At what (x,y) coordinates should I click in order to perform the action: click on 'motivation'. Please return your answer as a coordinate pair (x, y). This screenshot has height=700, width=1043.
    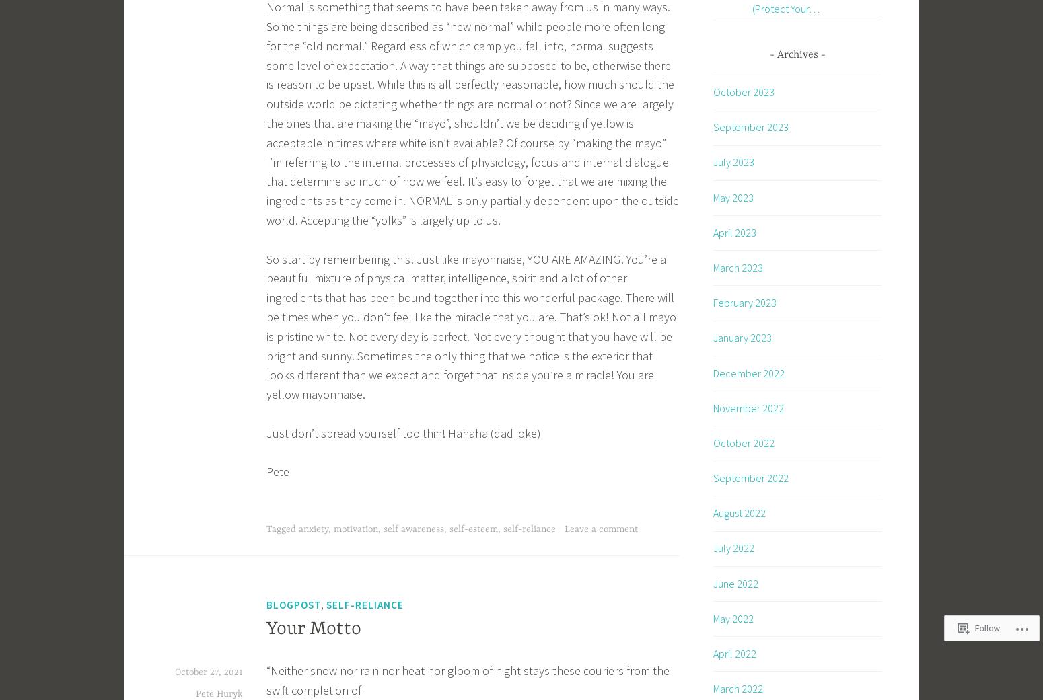
    Looking at the image, I should click on (355, 528).